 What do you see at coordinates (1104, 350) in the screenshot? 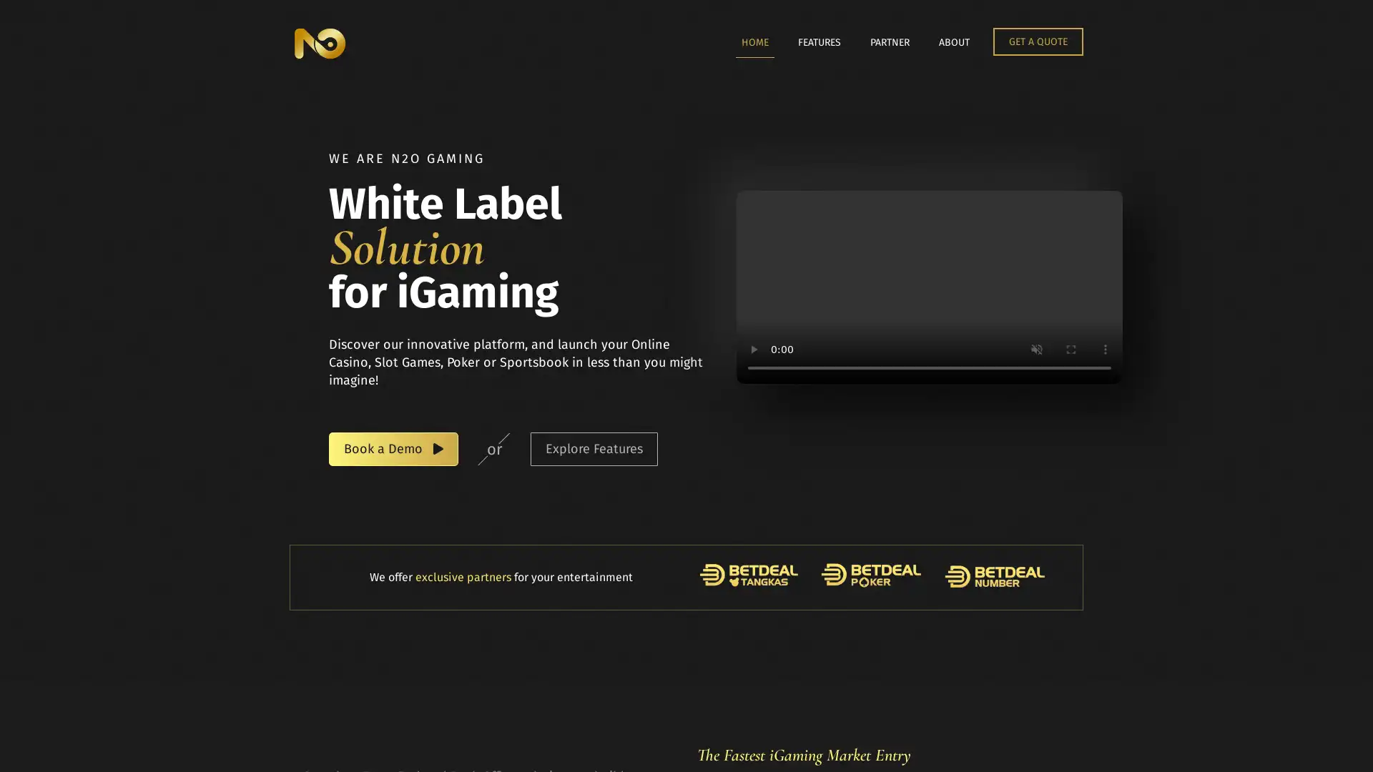
I see `show more media controls` at bounding box center [1104, 350].